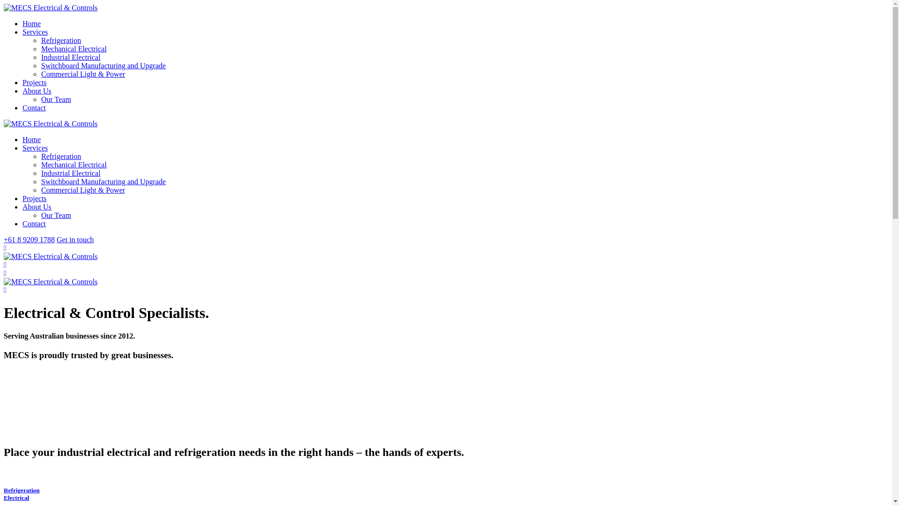 The height and width of the screenshot is (505, 899). I want to click on 'Mechanical Electrical', so click(74, 49).